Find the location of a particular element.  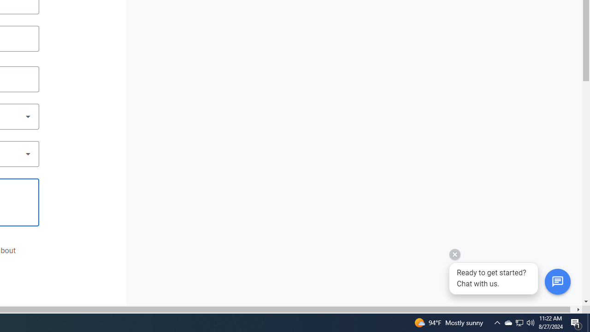

'Button to activate chat' is located at coordinates (557, 281).